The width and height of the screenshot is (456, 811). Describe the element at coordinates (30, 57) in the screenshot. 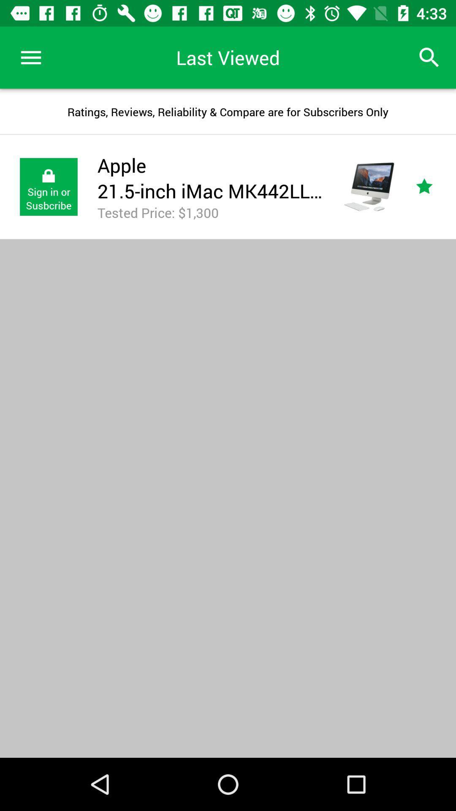

I see `item to the left of last viewed` at that location.